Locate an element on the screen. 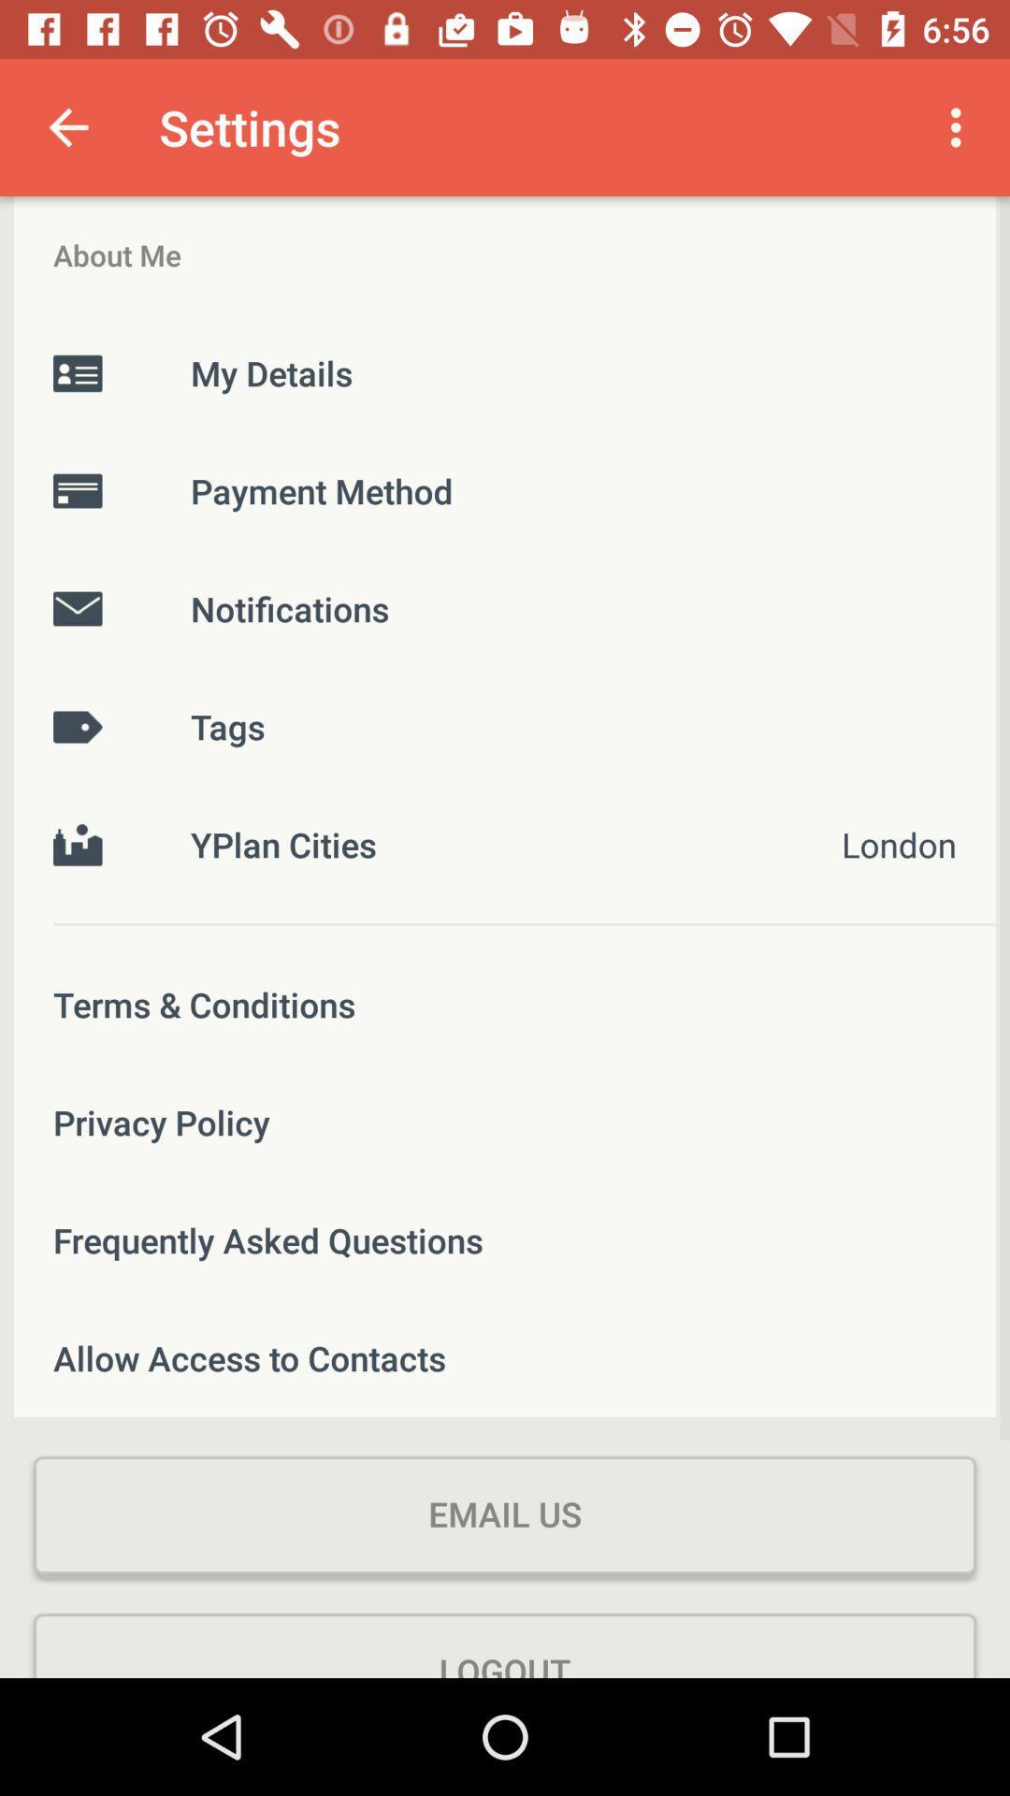 The height and width of the screenshot is (1796, 1010). the app to the left of  settings is located at coordinates (67, 126).